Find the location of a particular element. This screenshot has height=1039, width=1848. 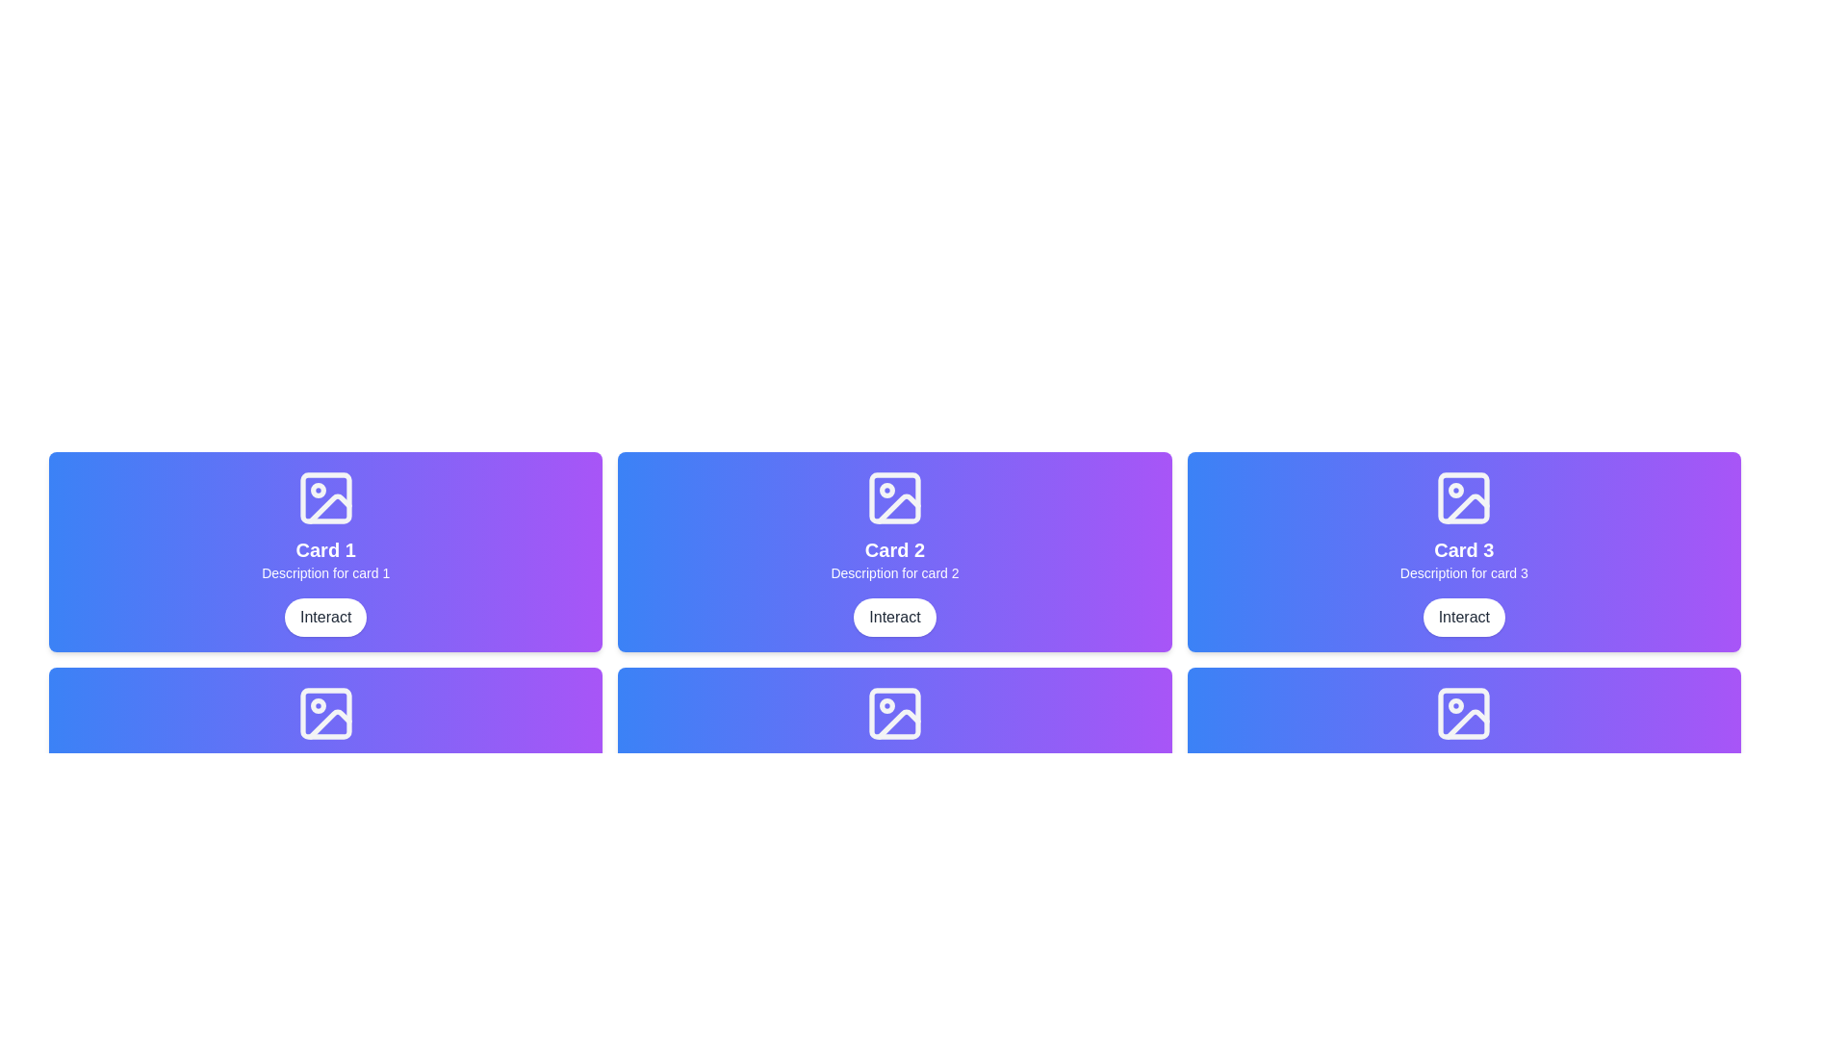

the icon resembling an image or photo with a gray outline, located centrally within 'Card 2', which is the middle card in the top row, situated above the text 'Card 2' and 'Description for card 2' is located at coordinates (894, 496).